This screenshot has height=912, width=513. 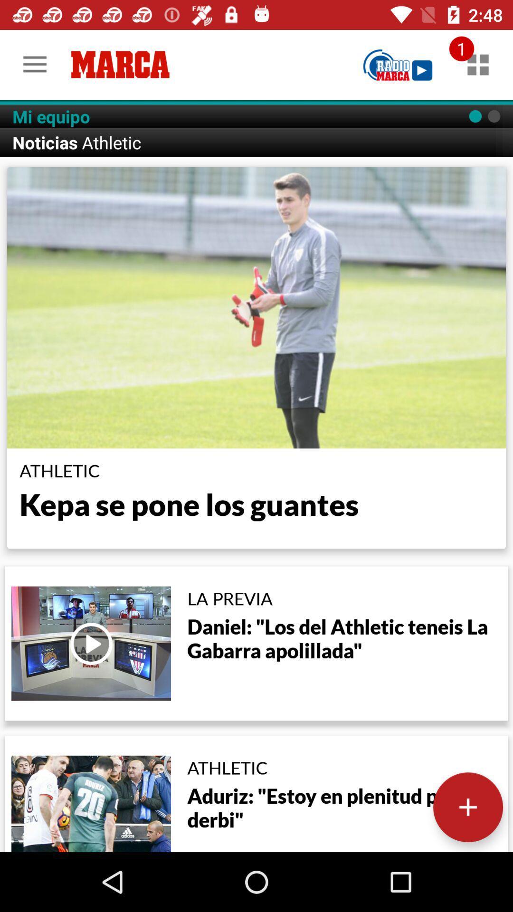 I want to click on radio marca which is on the right side of marca, so click(x=398, y=64).